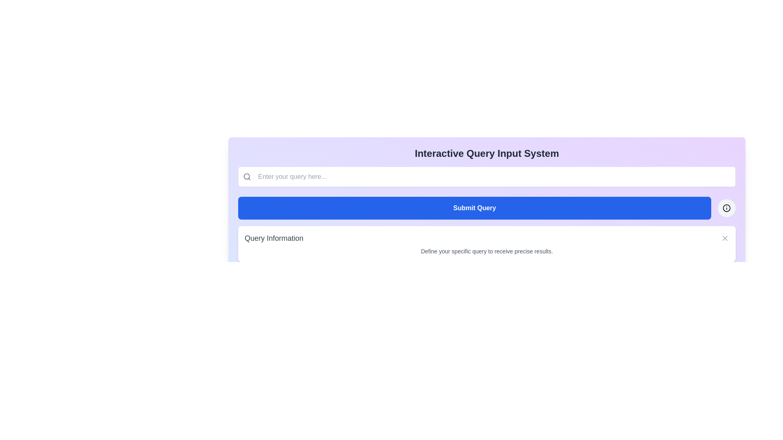 Image resolution: width=783 pixels, height=440 pixels. I want to click on the outermost circular component of the information icon located at the top-right corner of the interface, so click(726, 207).